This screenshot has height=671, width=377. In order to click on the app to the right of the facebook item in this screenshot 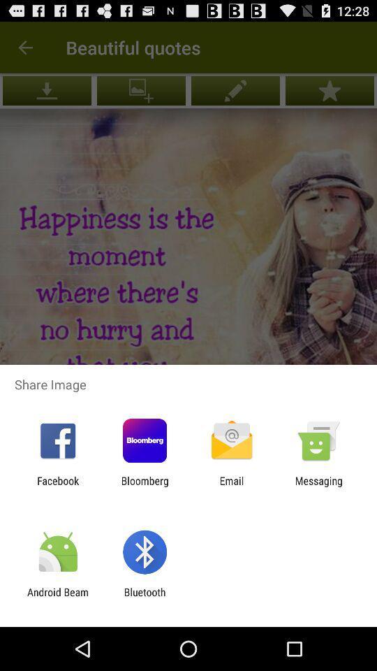, I will do `click(144, 486)`.